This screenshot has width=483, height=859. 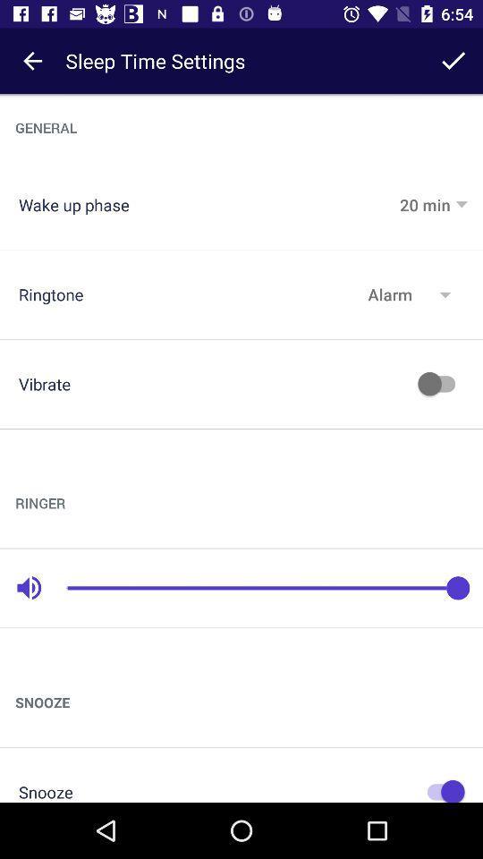 I want to click on hide button, so click(x=440, y=788).